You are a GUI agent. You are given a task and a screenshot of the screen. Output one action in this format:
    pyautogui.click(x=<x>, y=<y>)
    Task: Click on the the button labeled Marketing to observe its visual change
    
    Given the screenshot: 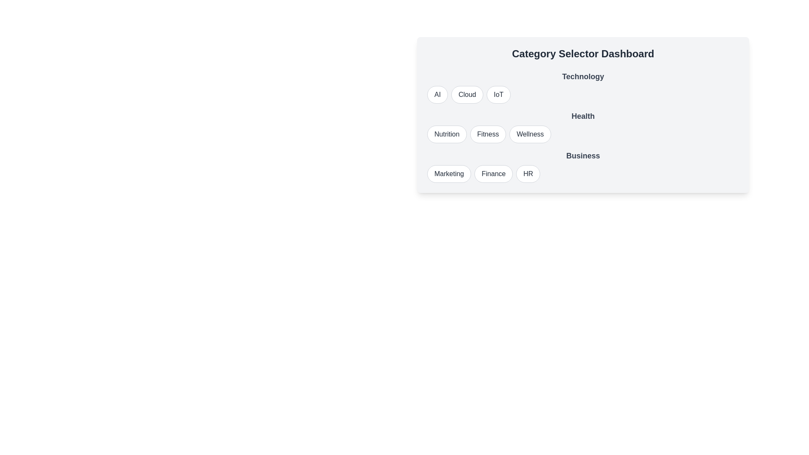 What is the action you would take?
    pyautogui.click(x=448, y=173)
    